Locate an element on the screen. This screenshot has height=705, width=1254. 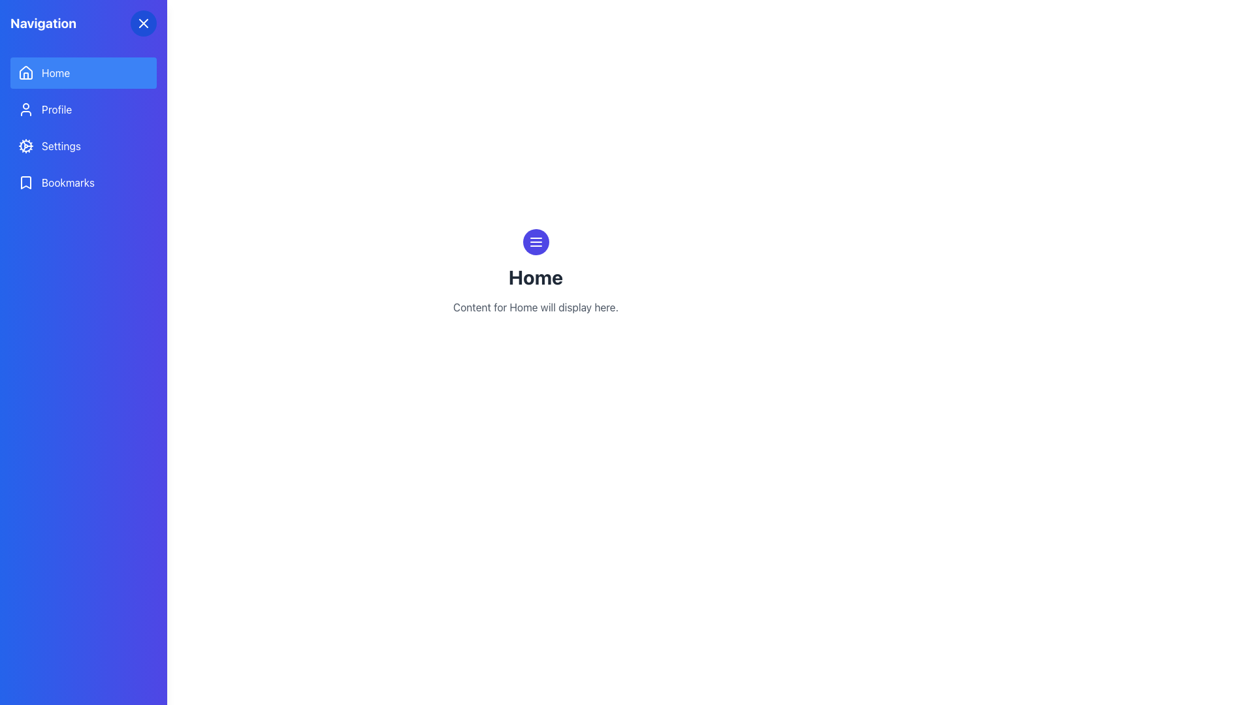
the fourth menu item in the vertical navigation bar, which serves as a navigation option for managing or viewing bookmarks is located at coordinates (83, 183).